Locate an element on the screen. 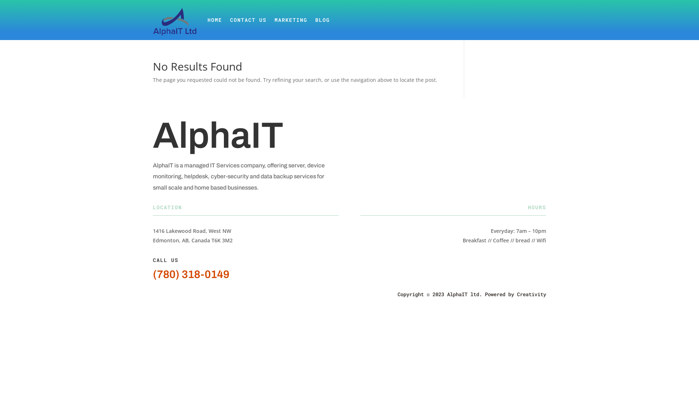 This screenshot has height=393, width=699. 'MARKETING' is located at coordinates (290, 19).